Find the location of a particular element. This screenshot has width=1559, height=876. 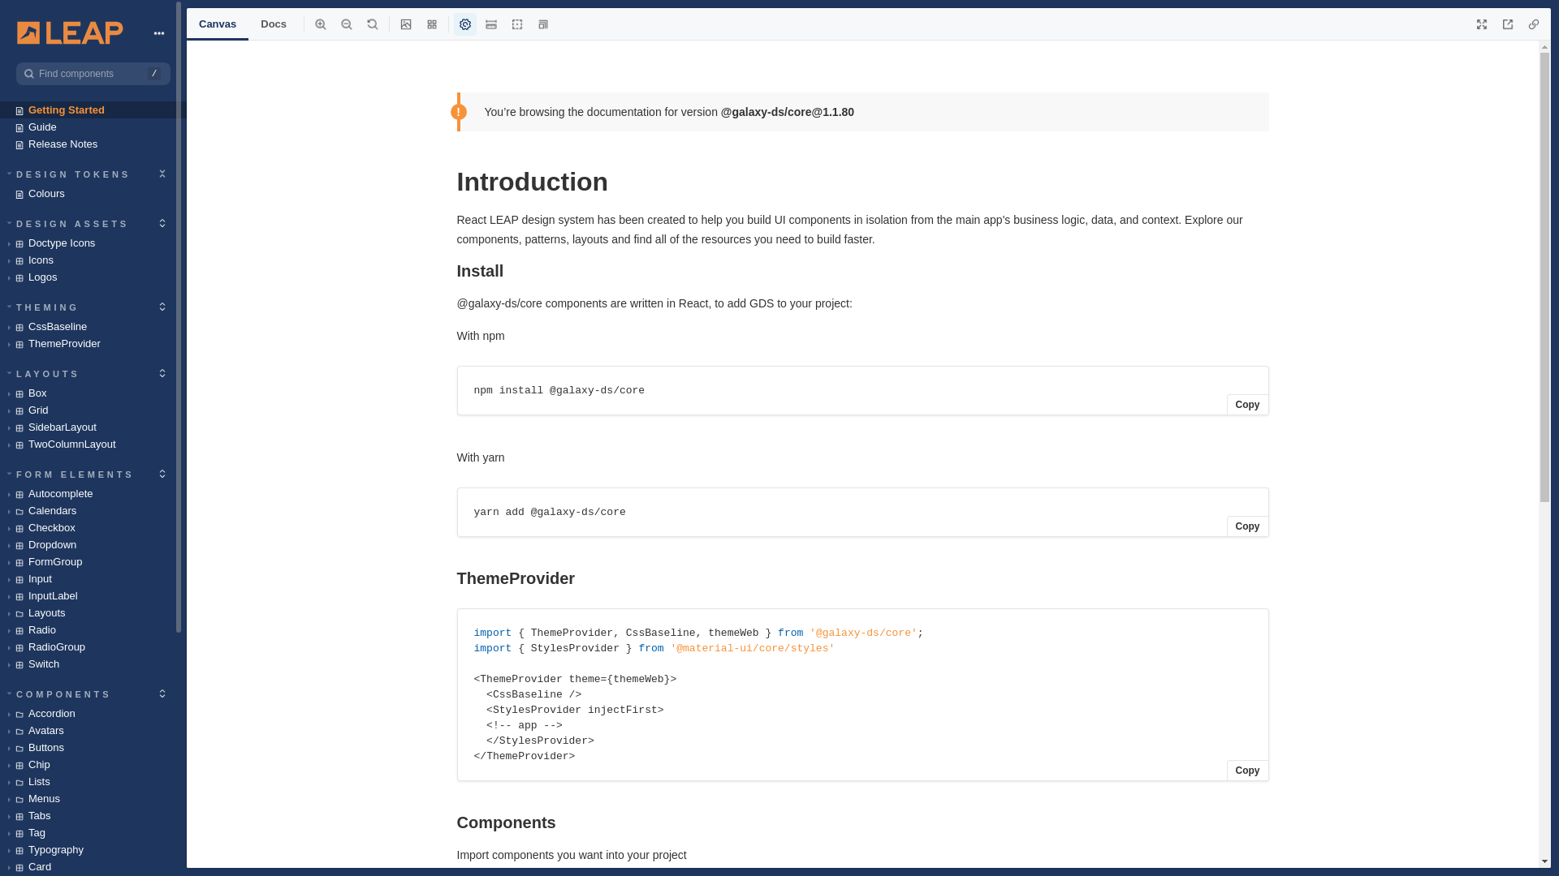

'Accordion' is located at coordinates (93, 712).